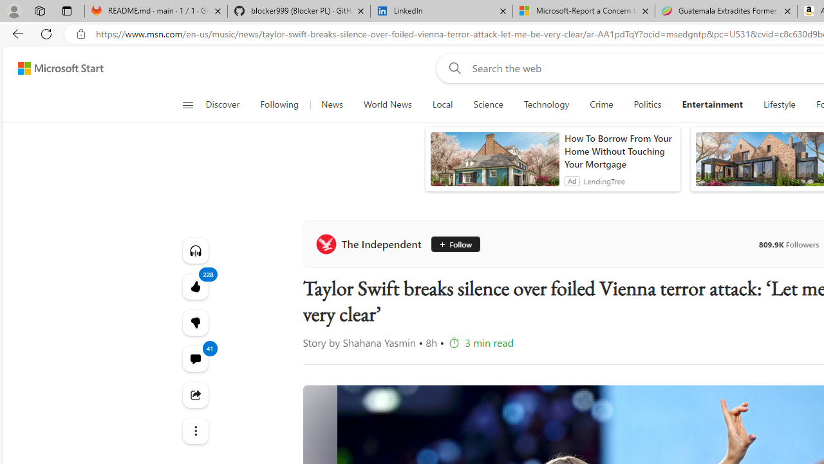 Image resolution: width=824 pixels, height=464 pixels. Describe the element at coordinates (194, 358) in the screenshot. I see `'View comments 41 Comment'` at that location.